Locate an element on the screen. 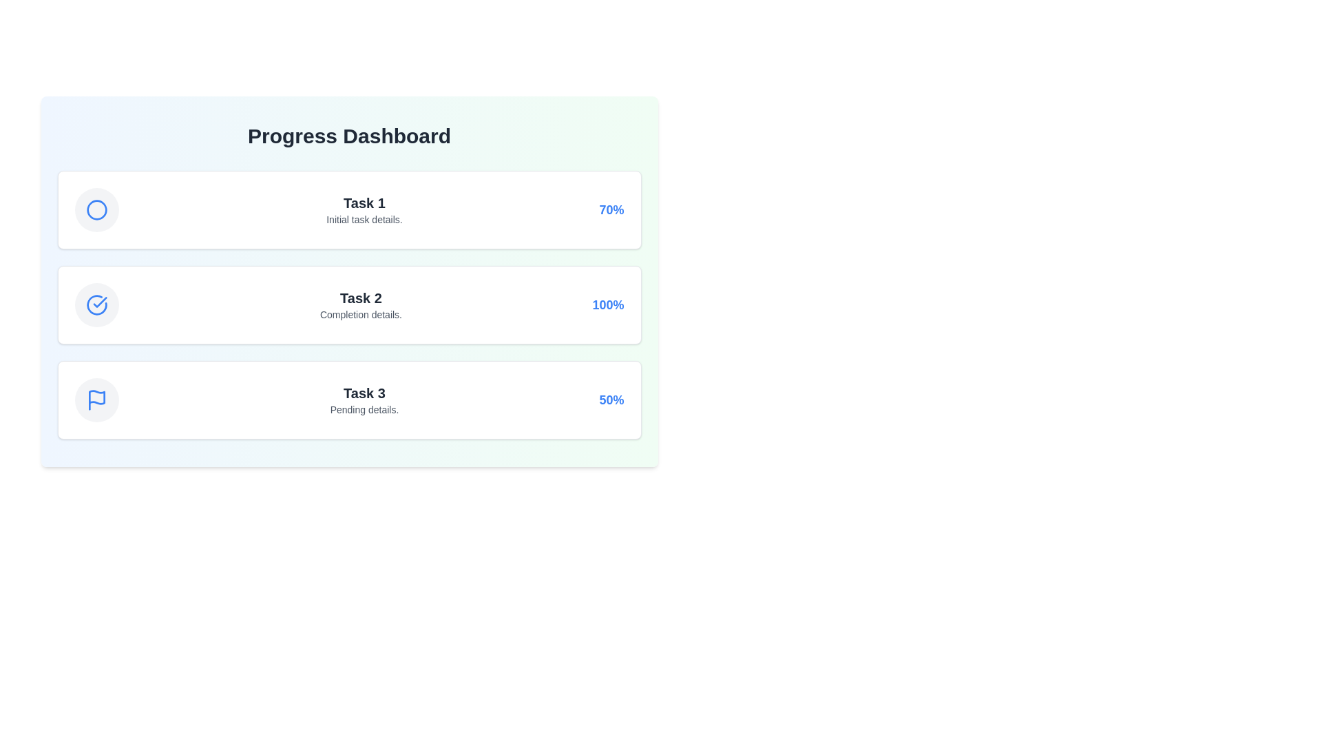  the bold blue text label displaying '100%' which is prominently placed on the right side of the second section labeled 'Task 2' is located at coordinates (607, 304).